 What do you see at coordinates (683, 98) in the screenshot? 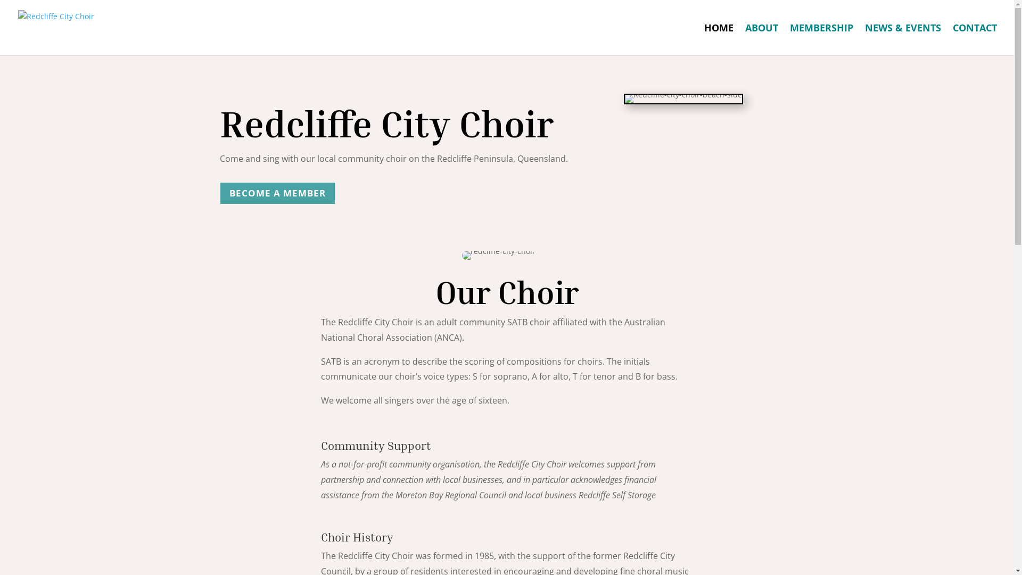
I see `'Singing by the bay'` at bounding box center [683, 98].